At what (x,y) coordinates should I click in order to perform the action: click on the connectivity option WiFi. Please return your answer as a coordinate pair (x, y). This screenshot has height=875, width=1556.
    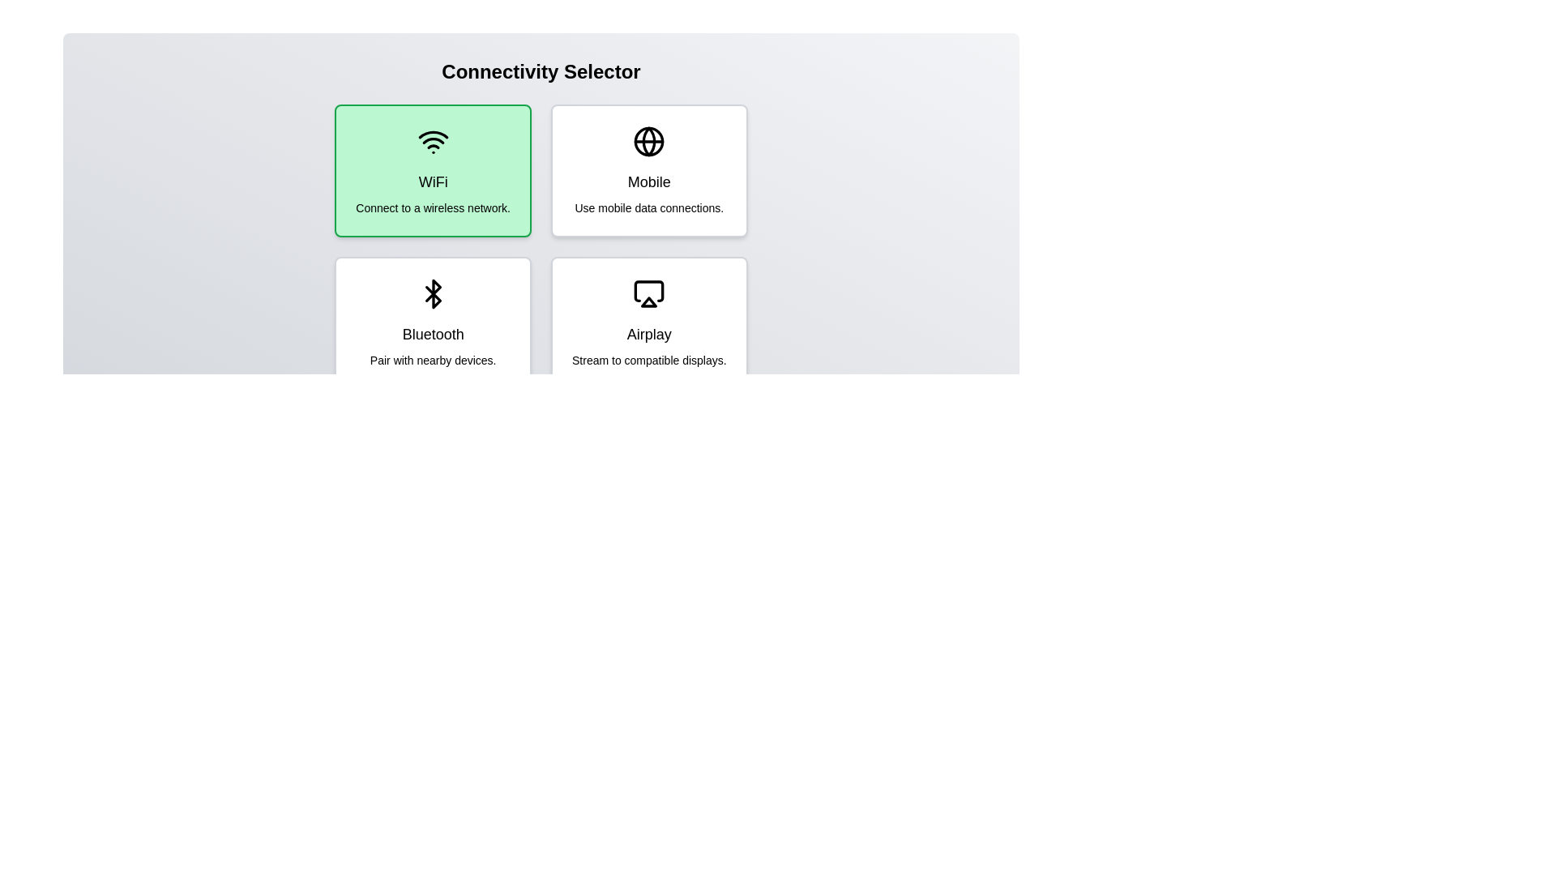
    Looking at the image, I should click on (433, 171).